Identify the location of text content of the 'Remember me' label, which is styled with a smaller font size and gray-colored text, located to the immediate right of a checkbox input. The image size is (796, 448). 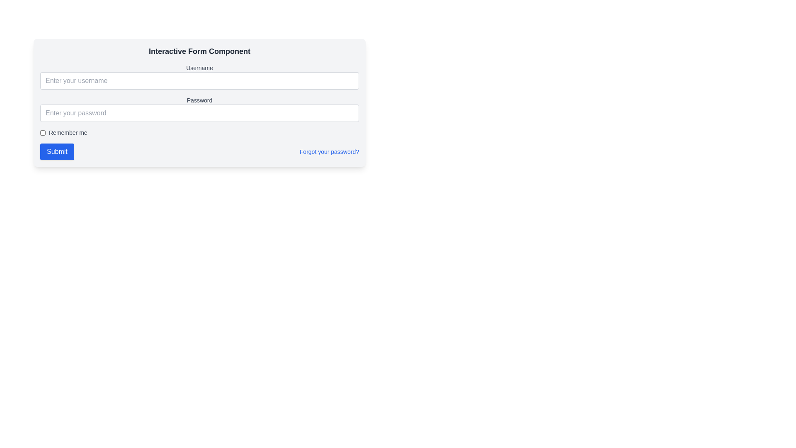
(68, 132).